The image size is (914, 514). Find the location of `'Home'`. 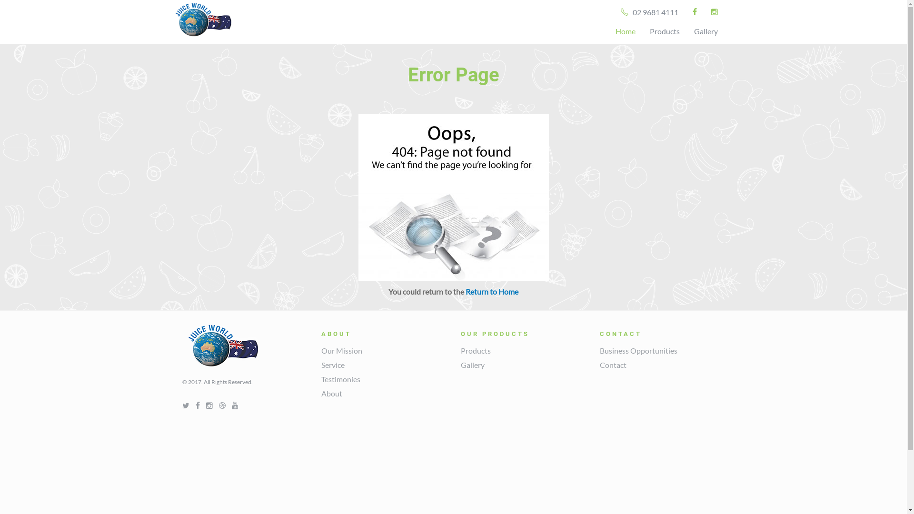

'Home' is located at coordinates (607, 30).